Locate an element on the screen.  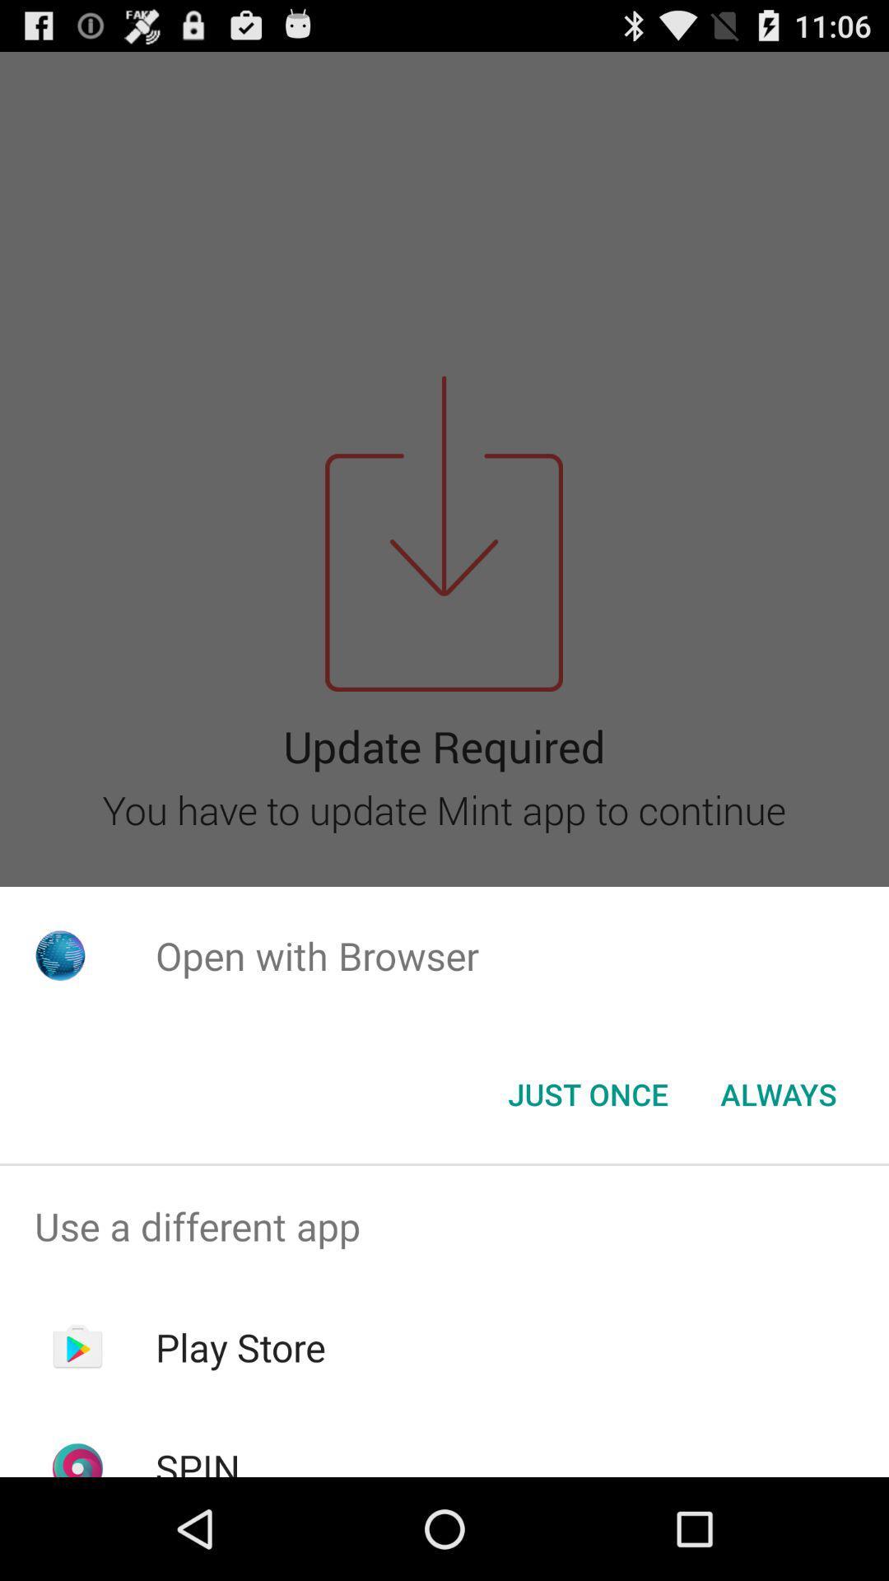
the play store item is located at coordinates (240, 1347).